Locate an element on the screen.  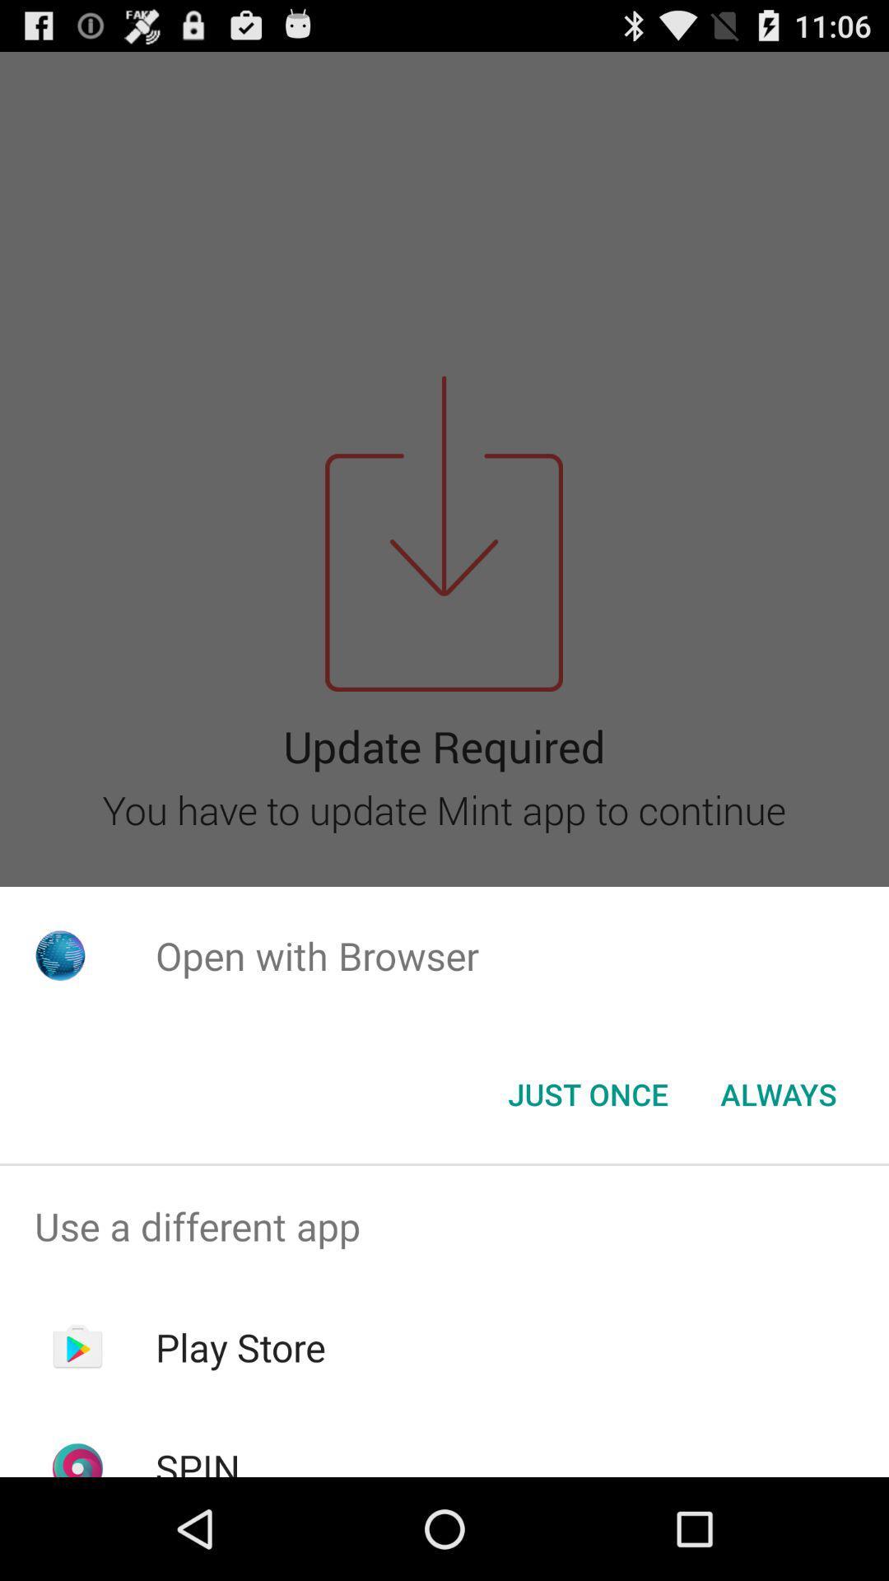
the play store item is located at coordinates (240, 1347).